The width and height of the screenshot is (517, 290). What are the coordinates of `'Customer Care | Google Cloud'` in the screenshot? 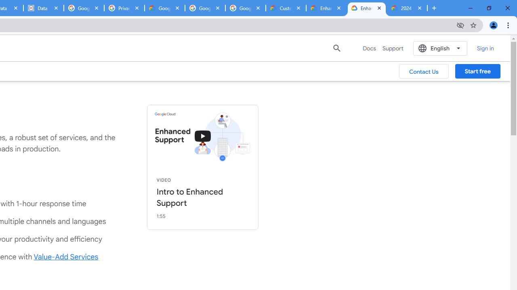 It's located at (286, 8).